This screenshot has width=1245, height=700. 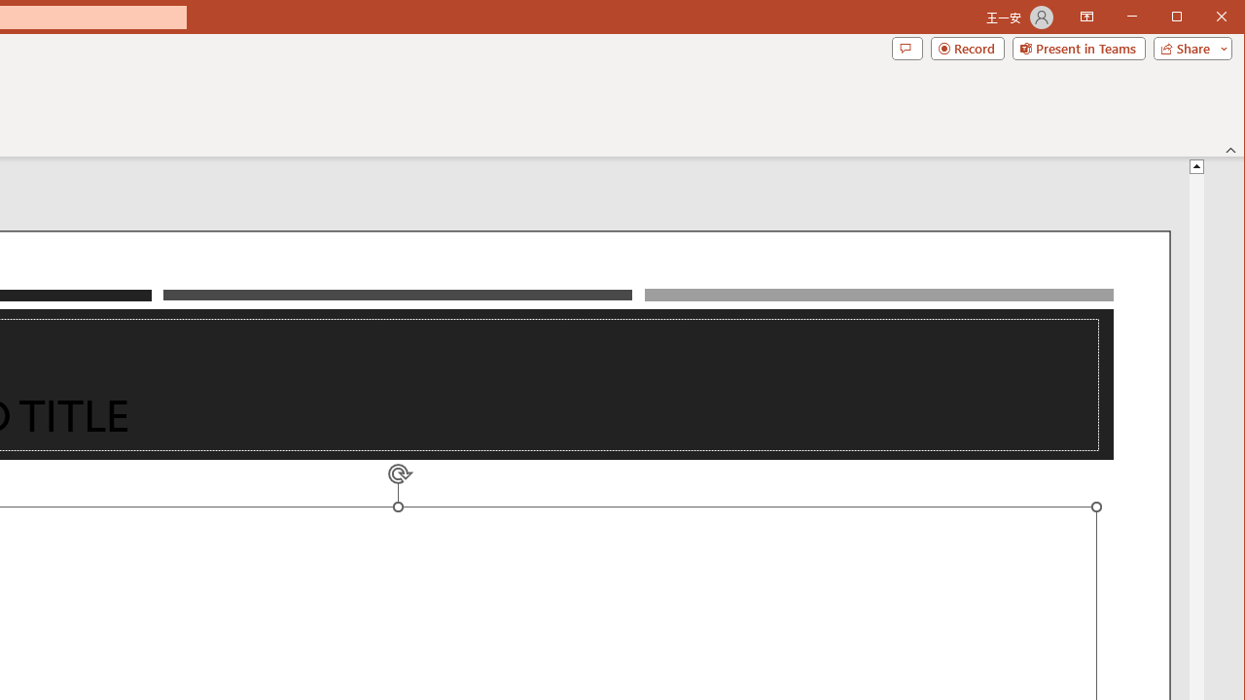 What do you see at coordinates (1230, 149) in the screenshot?
I see `'Collapse the Ribbon'` at bounding box center [1230, 149].